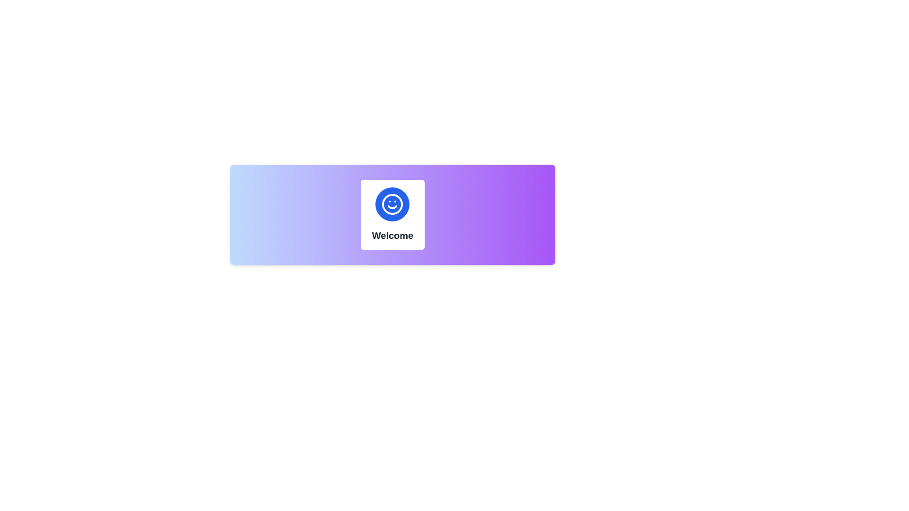  I want to click on the title text located in the lower-central part of the card, below the smiley face icon, which serves to attract user attention to the card's content, so click(392, 235).